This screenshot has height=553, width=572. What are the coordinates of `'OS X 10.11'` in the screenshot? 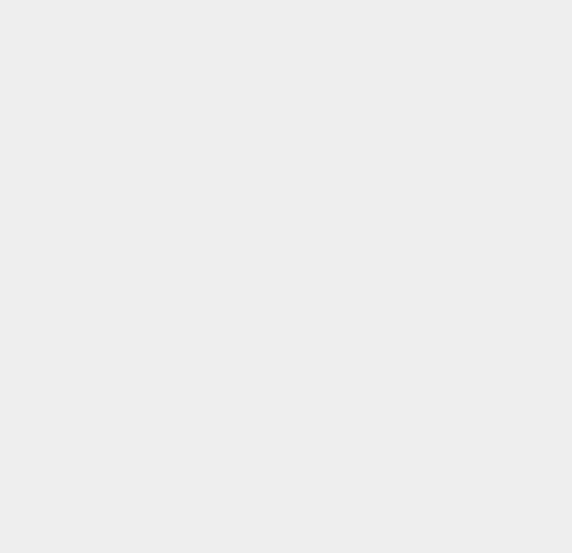 It's located at (422, 90).